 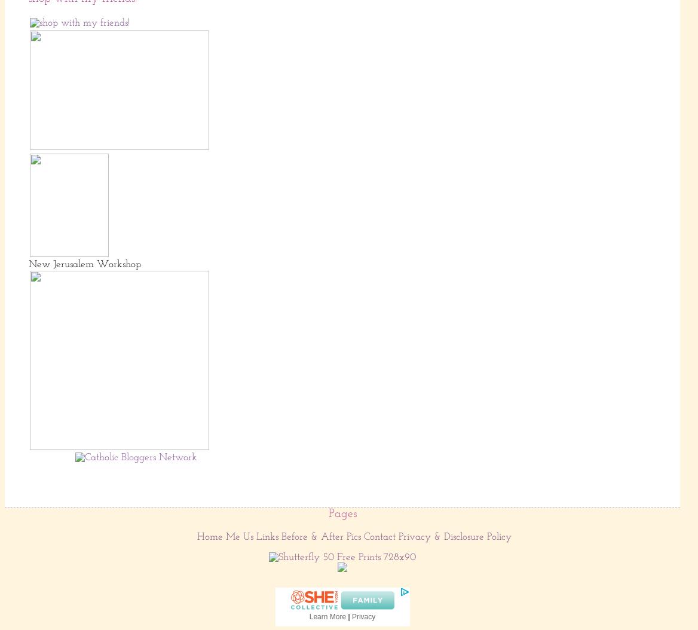 What do you see at coordinates (327, 616) in the screenshot?
I see `'Learn More'` at bounding box center [327, 616].